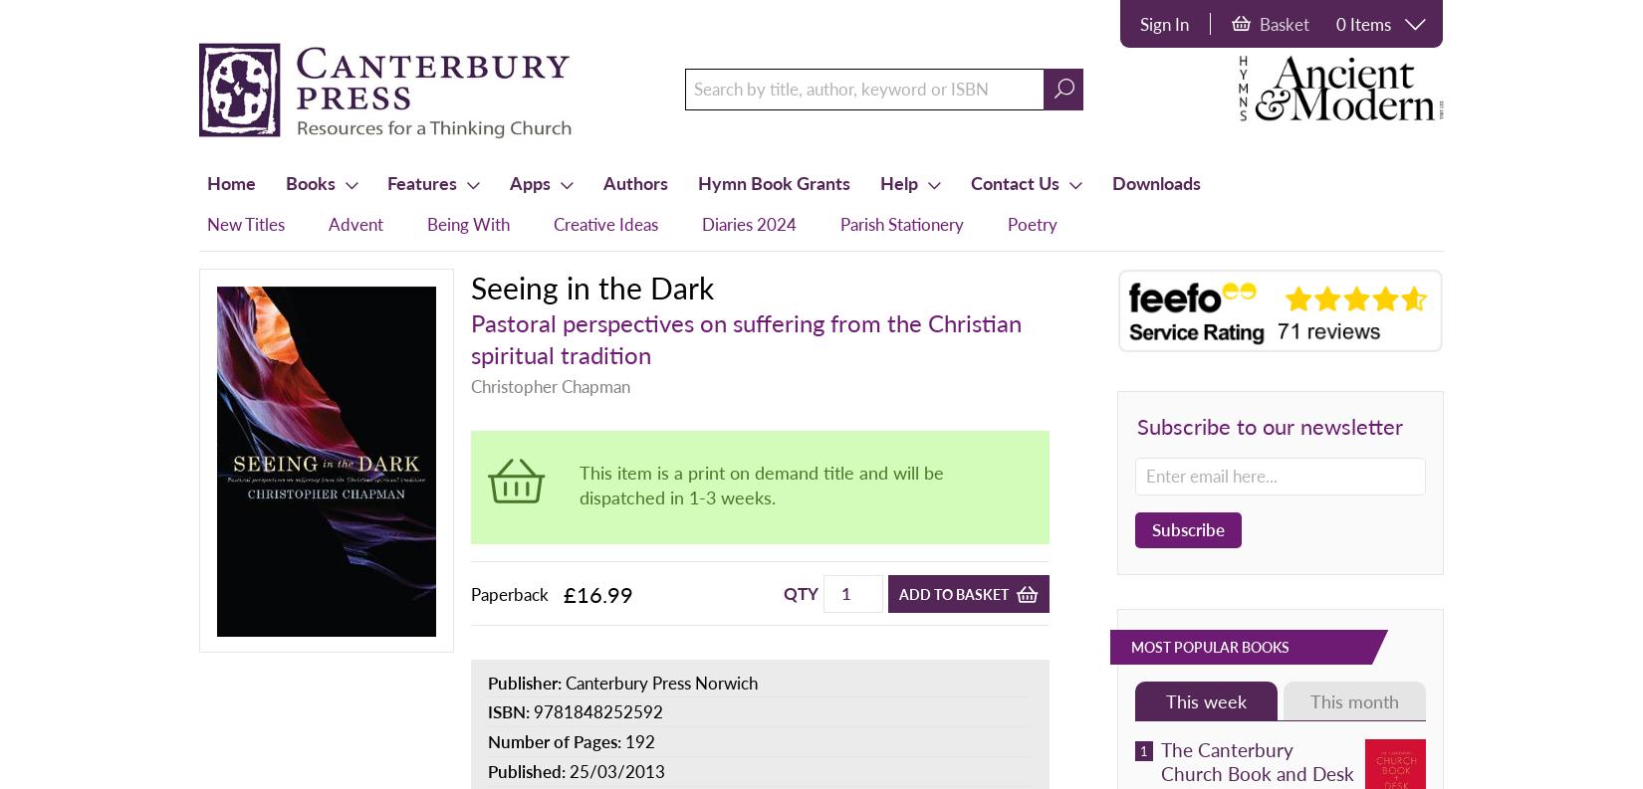 This screenshot has width=1643, height=789. I want to click on 'Publisher:', so click(525, 681).